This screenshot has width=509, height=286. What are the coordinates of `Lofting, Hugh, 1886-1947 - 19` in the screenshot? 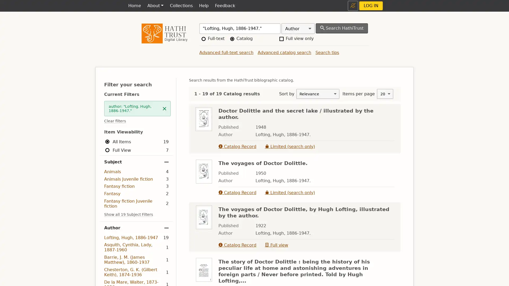 It's located at (136, 237).